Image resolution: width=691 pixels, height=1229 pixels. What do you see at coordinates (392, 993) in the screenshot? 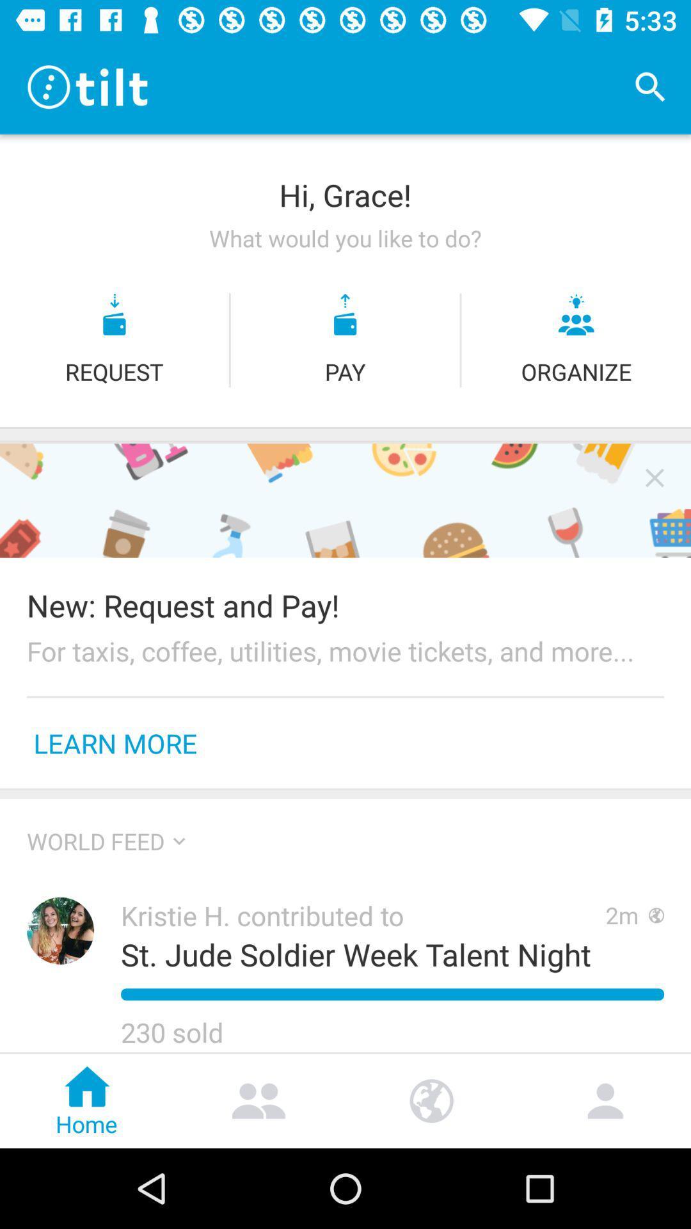
I see `the item below st jude soldier` at bounding box center [392, 993].